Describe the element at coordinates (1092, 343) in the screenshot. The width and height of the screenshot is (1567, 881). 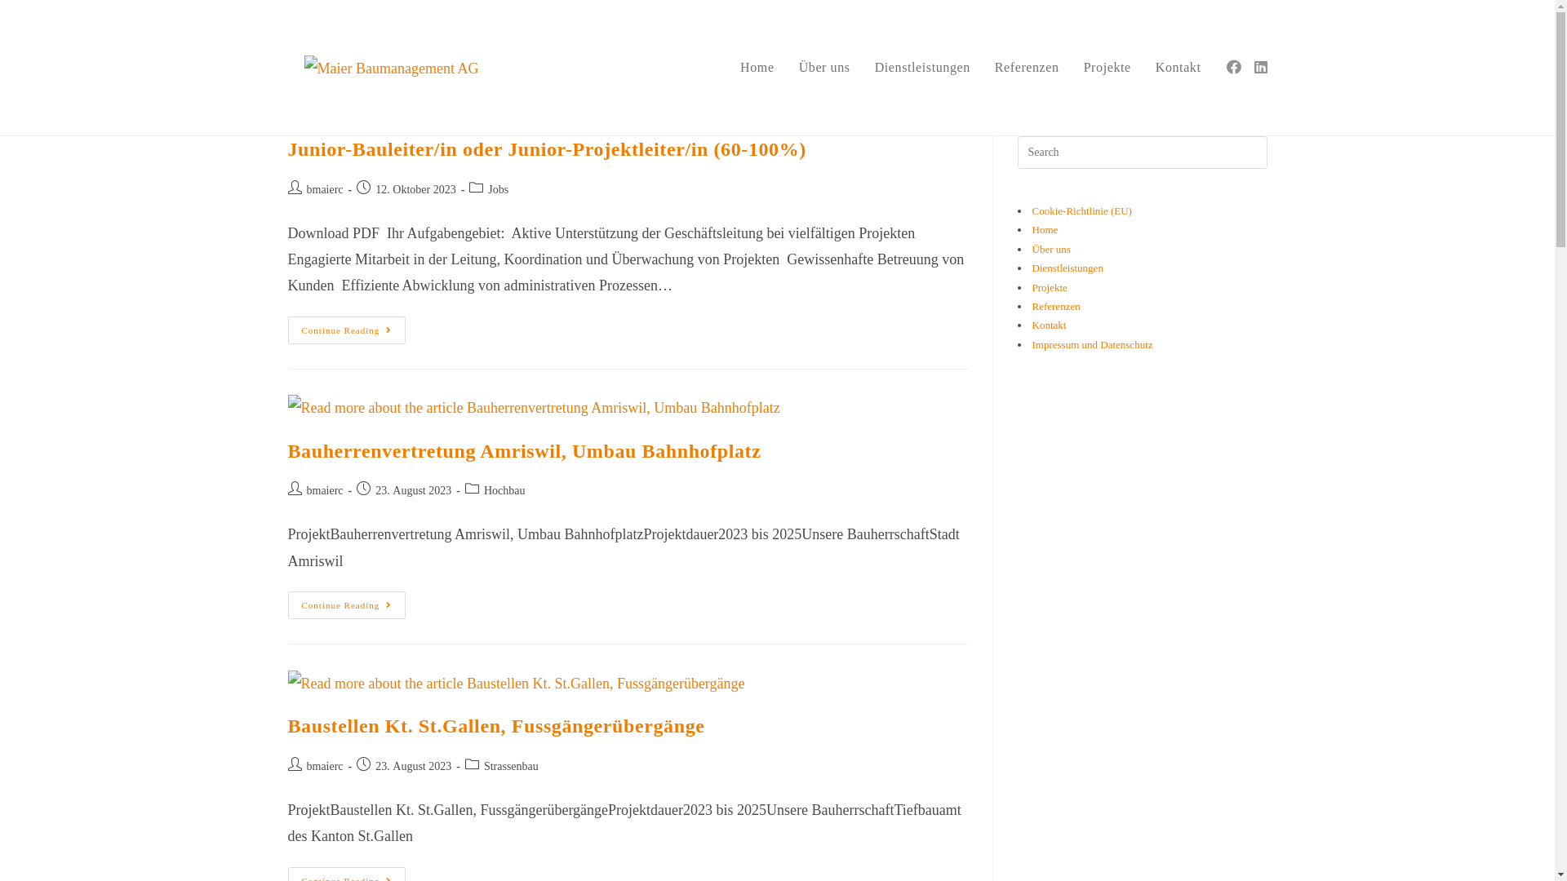
I see `'Impressum und Datenschutz'` at that location.